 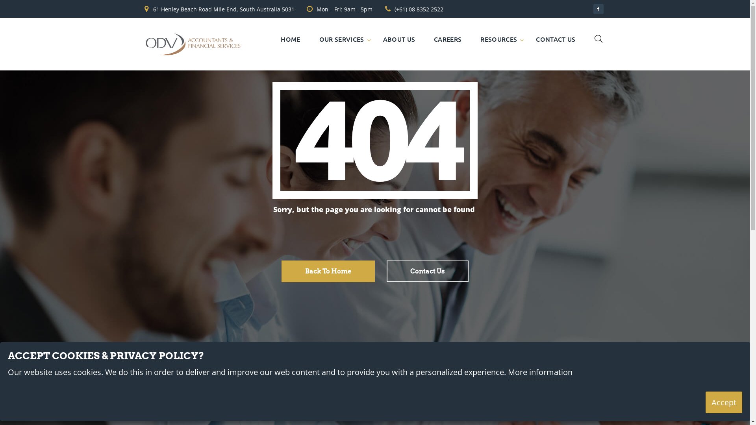 I want to click on '61 Henley Beach Road Mile End, South Australia 5031', so click(x=223, y=9).